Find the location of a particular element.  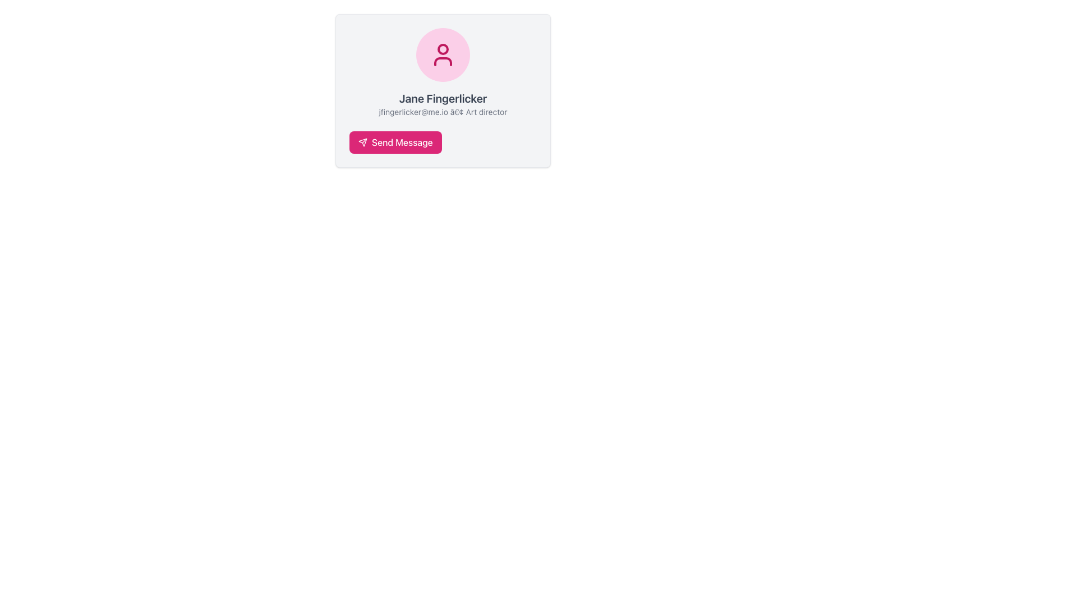

the text label displaying the user's email address and job title, positioned below the name 'Jane Fingerlicker' and above the 'Send Message' button is located at coordinates (443, 112).